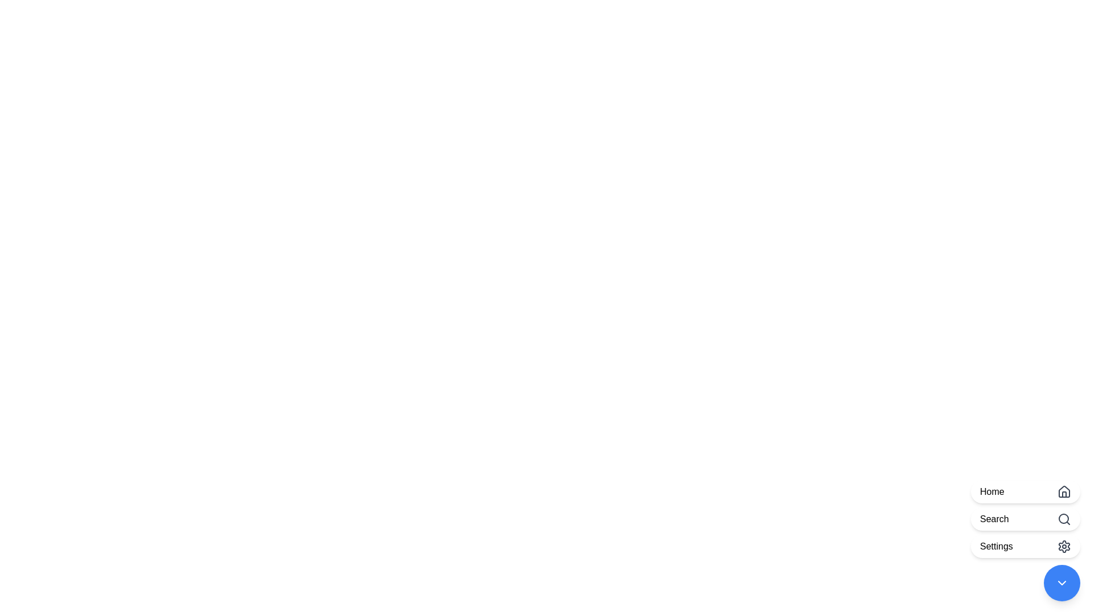 The image size is (1094, 615). I want to click on the 'Home' icon in the vertical navigation menu, so click(1063, 491).